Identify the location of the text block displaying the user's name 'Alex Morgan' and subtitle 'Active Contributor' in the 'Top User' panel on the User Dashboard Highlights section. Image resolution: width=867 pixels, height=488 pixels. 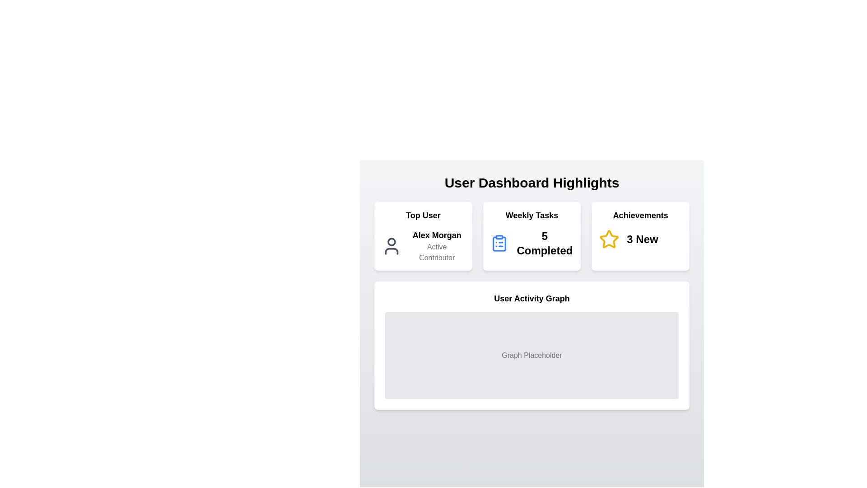
(437, 246).